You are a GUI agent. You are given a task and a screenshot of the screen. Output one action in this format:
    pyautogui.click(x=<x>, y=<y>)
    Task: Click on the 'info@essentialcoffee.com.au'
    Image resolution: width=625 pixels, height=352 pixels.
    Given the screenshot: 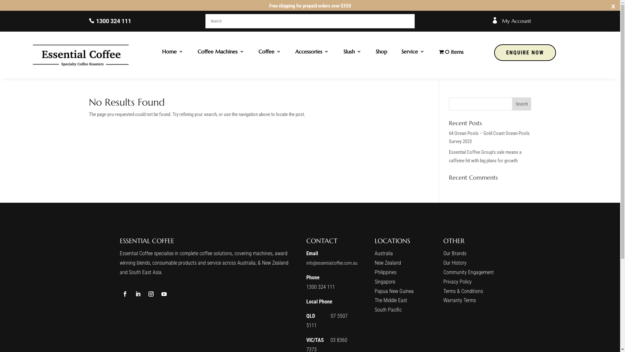 What is the action you would take?
    pyautogui.click(x=332, y=262)
    